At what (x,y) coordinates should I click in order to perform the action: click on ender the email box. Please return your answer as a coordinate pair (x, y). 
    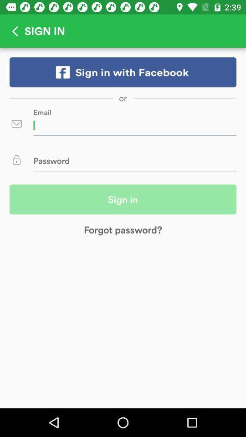
    Looking at the image, I should click on (134, 125).